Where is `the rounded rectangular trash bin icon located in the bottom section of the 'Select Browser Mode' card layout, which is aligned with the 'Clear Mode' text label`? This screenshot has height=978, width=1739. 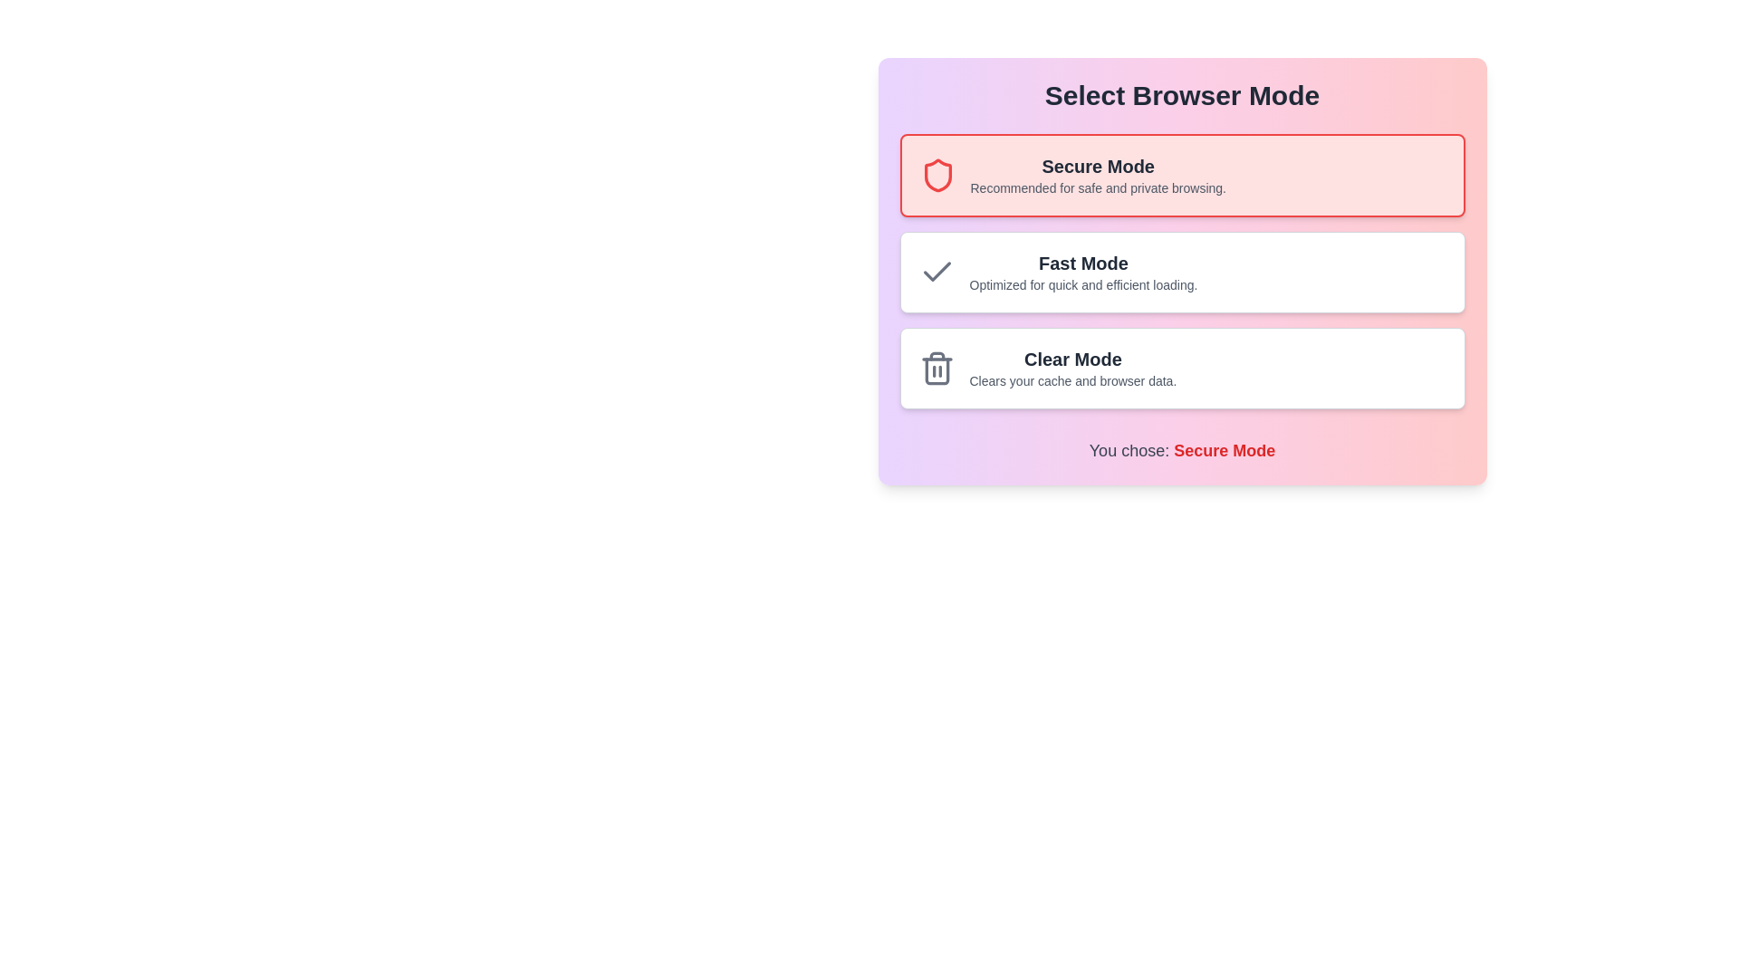 the rounded rectangular trash bin icon located in the bottom section of the 'Select Browser Mode' card layout, which is aligned with the 'Clear Mode' text label is located at coordinates (937, 370).